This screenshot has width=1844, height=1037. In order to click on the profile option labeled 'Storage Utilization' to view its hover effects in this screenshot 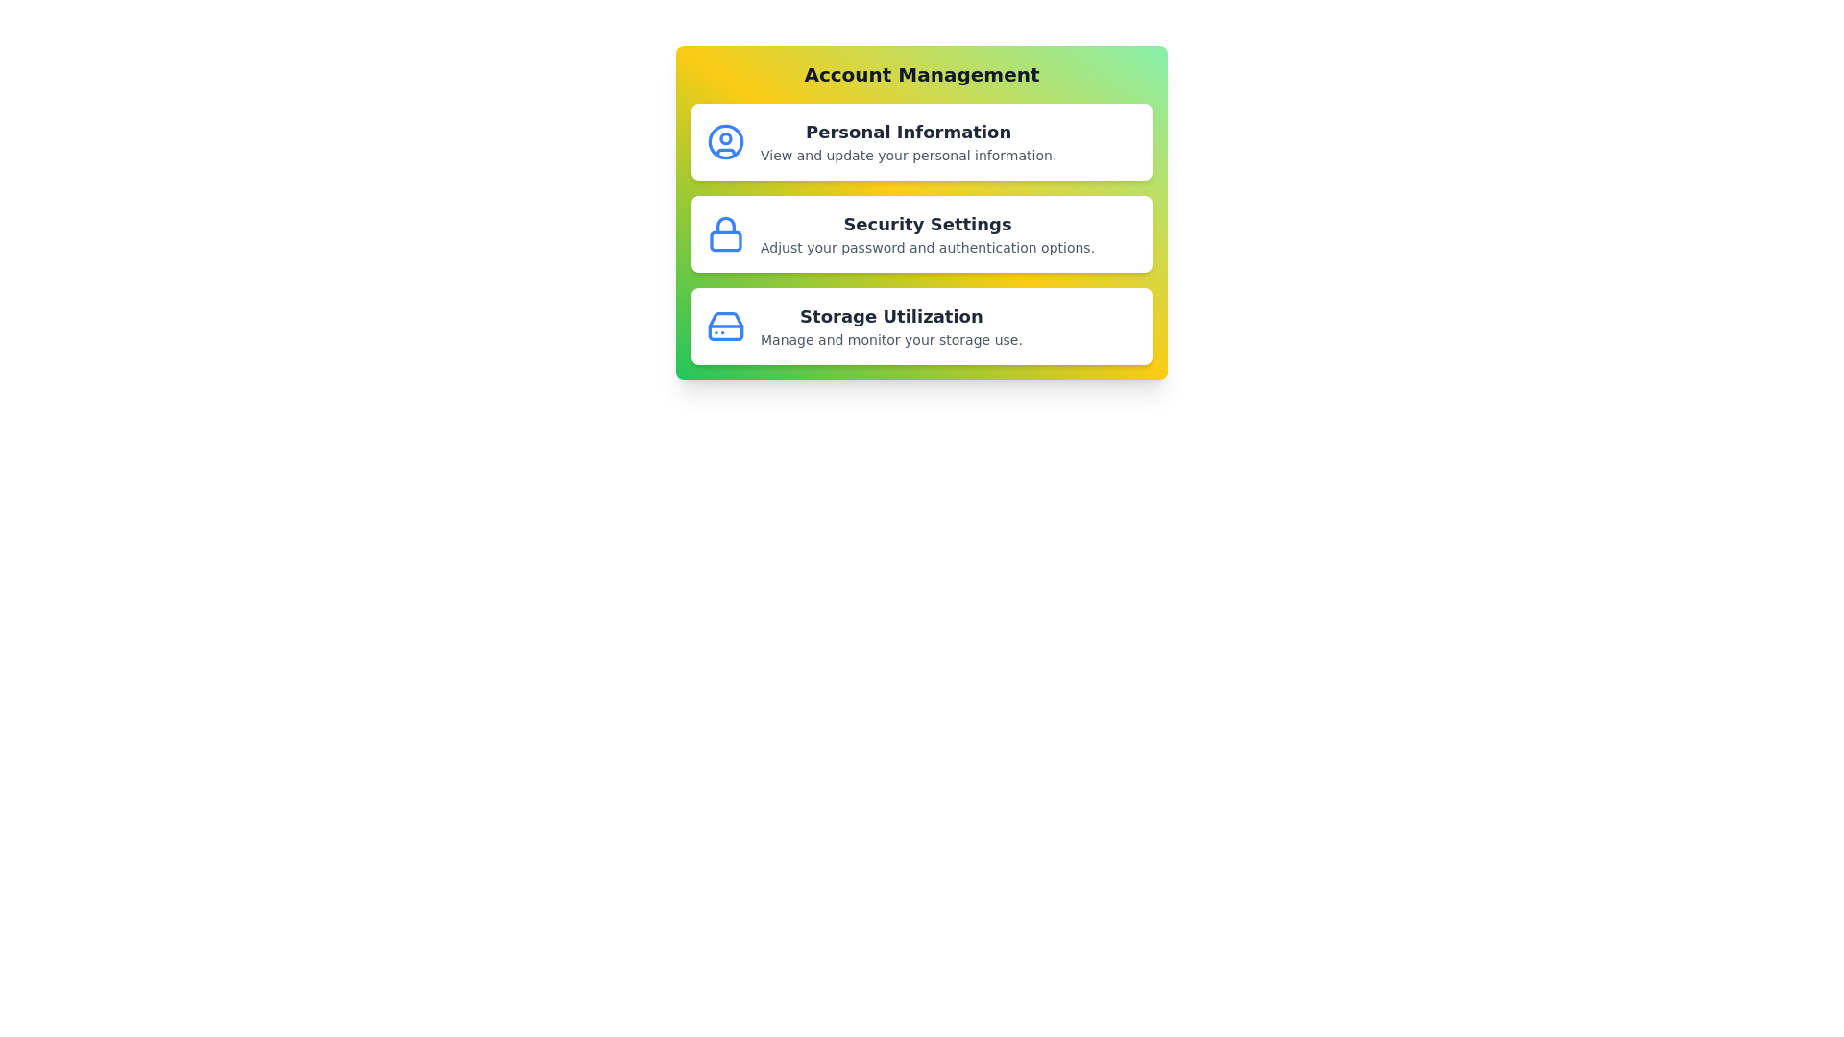, I will do `click(922, 325)`.